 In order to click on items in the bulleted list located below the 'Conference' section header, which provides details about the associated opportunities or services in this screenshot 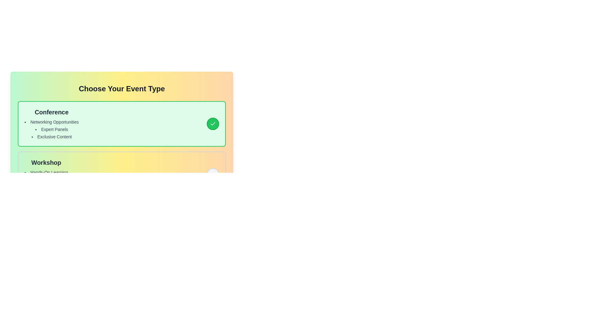, I will do `click(52, 129)`.